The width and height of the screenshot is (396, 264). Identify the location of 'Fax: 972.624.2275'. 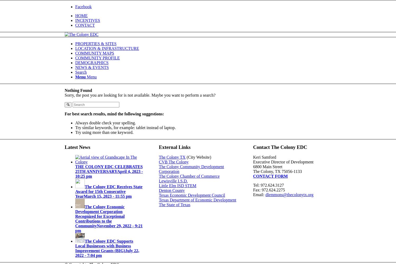
(269, 190).